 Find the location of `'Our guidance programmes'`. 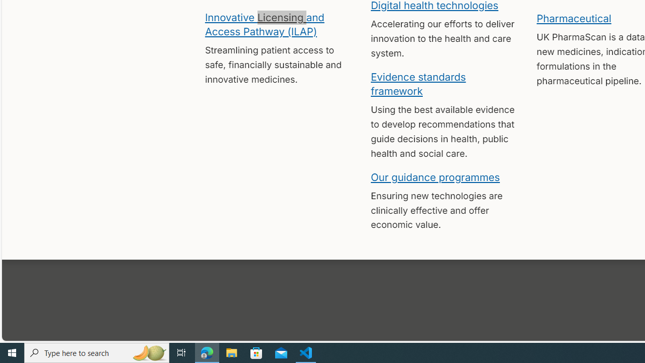

'Our guidance programmes' is located at coordinates (435, 176).